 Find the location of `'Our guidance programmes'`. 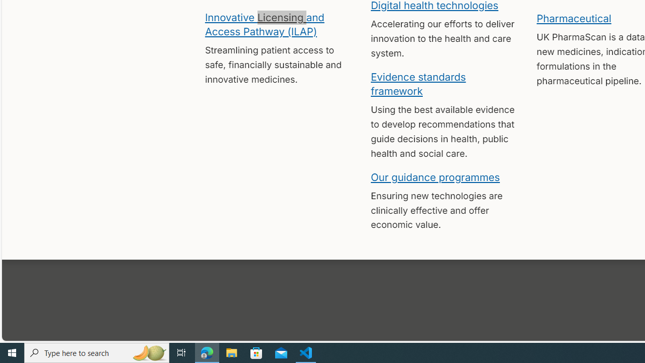

'Our guidance programmes' is located at coordinates (435, 176).